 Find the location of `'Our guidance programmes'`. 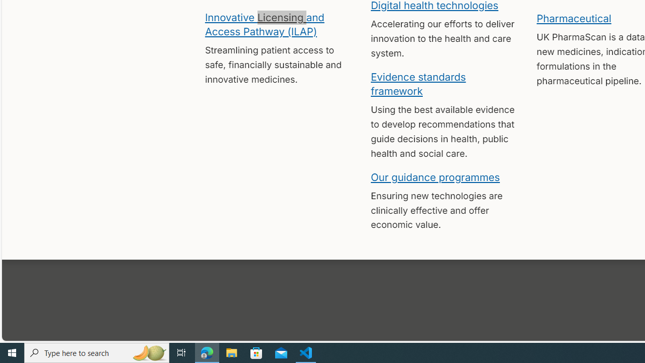

'Our guidance programmes' is located at coordinates (435, 176).